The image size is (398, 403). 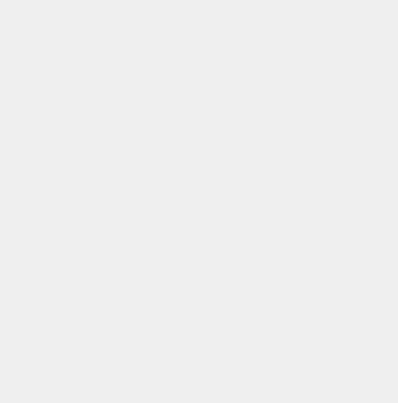 I want to click on 'CORPORATE SOCIAL RESPONSIBILITY', so click(x=31, y=48).